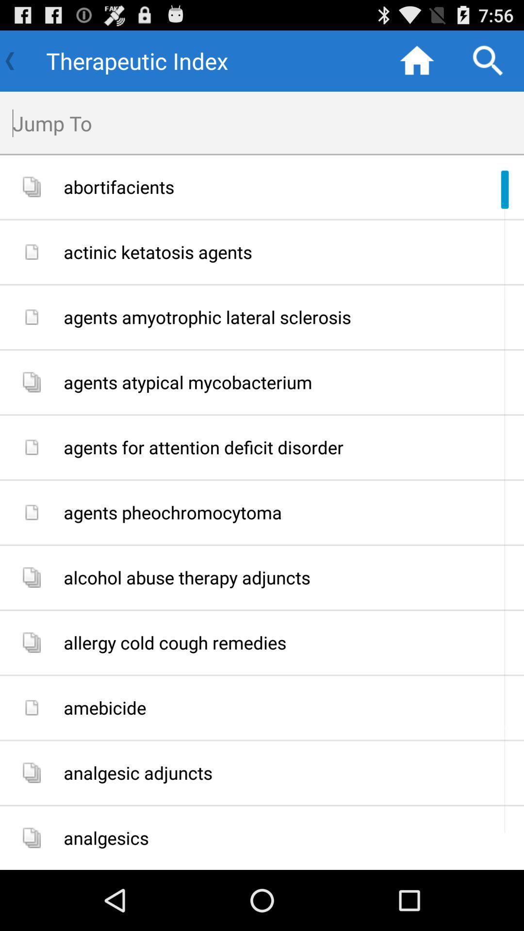  Describe the element at coordinates (290, 837) in the screenshot. I see `the item below analgesic adjuncts app` at that location.